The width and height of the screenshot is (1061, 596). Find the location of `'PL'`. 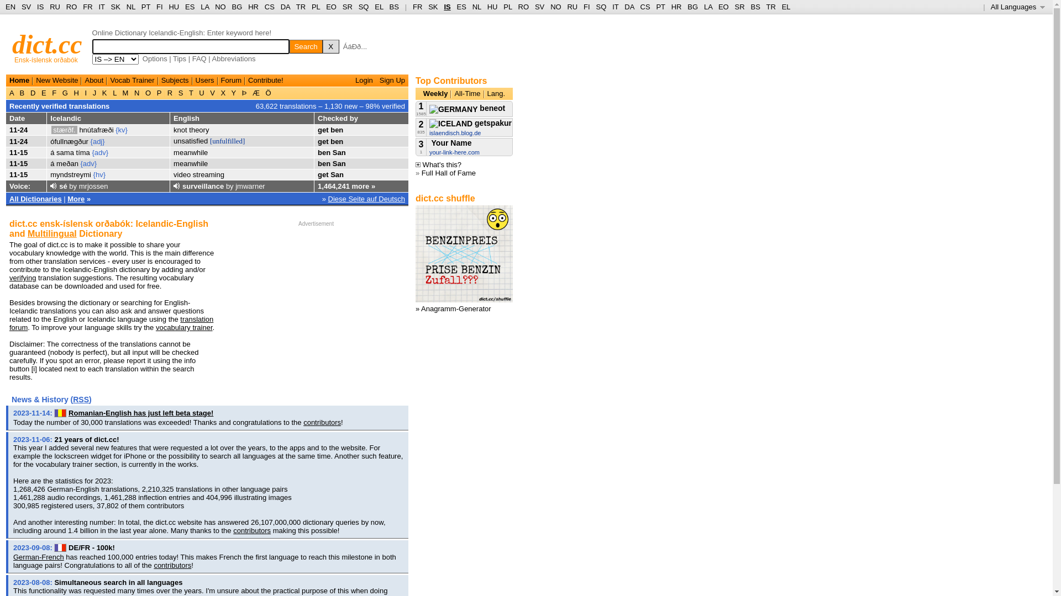

'PL' is located at coordinates (507, 7).